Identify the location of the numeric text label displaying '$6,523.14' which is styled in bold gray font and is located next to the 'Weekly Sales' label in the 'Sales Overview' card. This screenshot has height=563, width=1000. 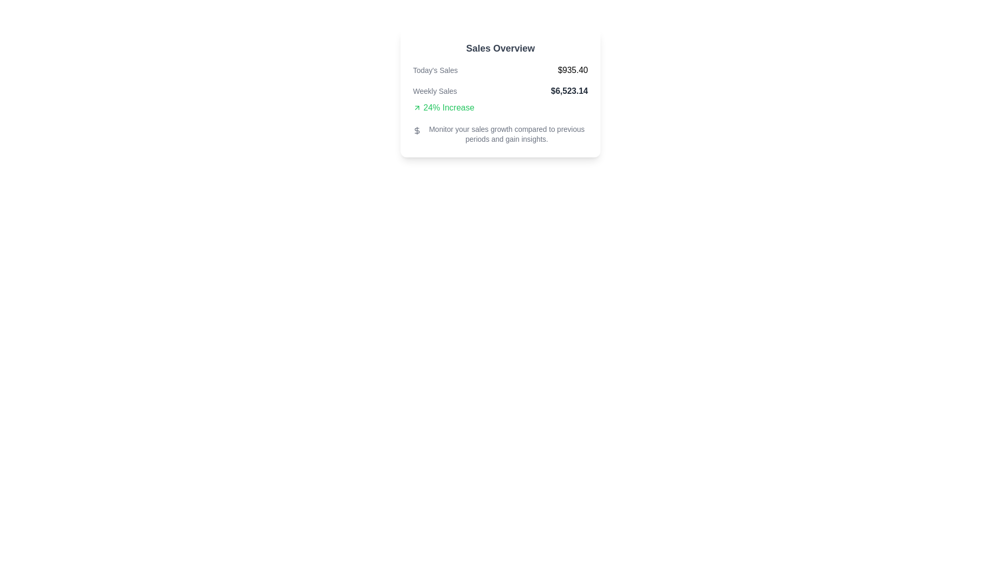
(569, 90).